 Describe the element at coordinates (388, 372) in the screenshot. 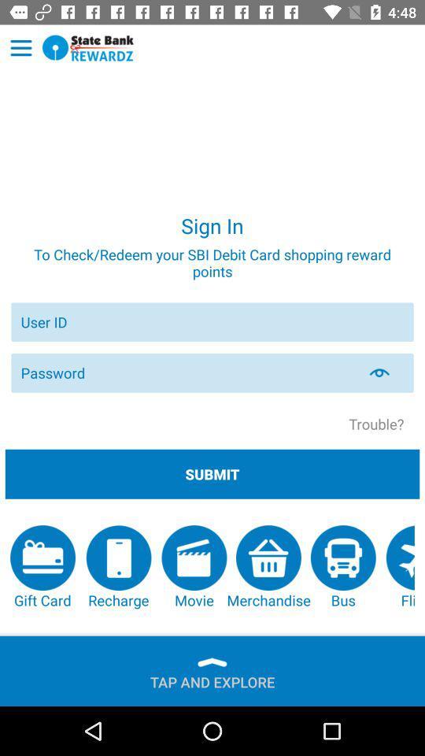

I see `icon above trouble? app` at that location.